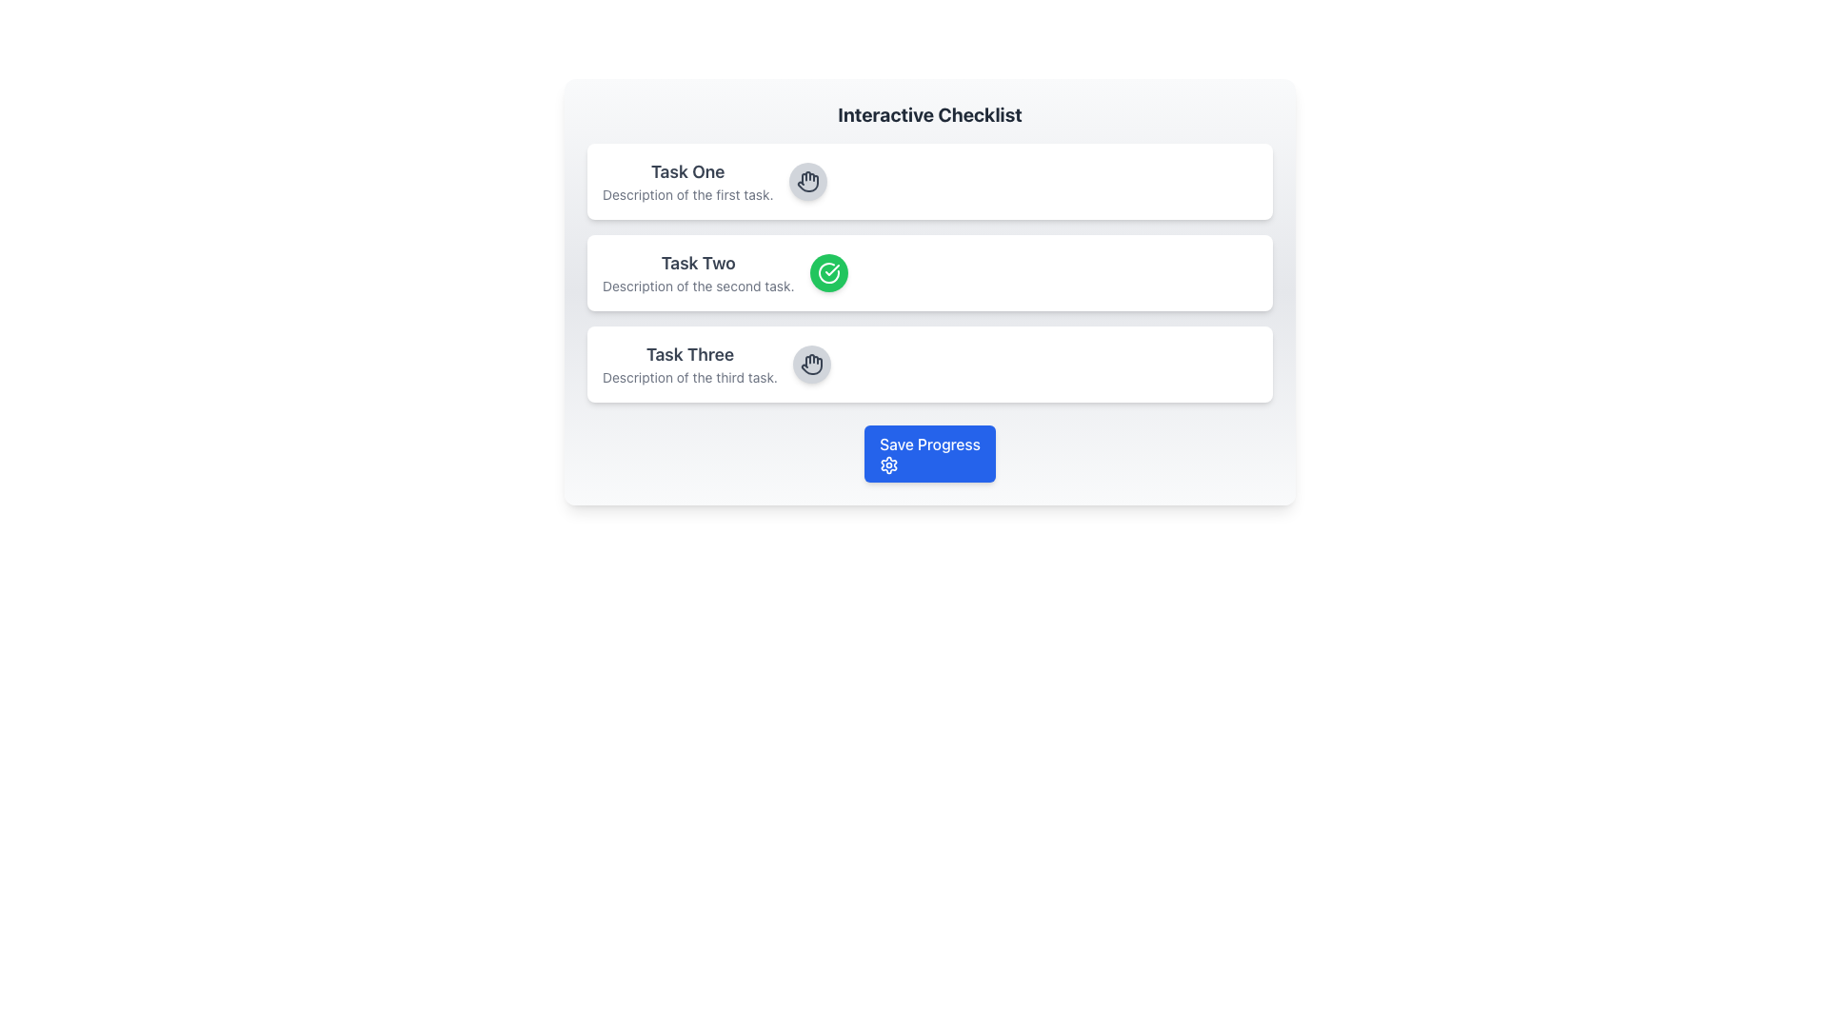 This screenshot has width=1828, height=1028. Describe the element at coordinates (697, 286) in the screenshot. I see `the informational Text Label that describes 'Task Two', located below the 'Task Two' heading in the checklist` at that location.